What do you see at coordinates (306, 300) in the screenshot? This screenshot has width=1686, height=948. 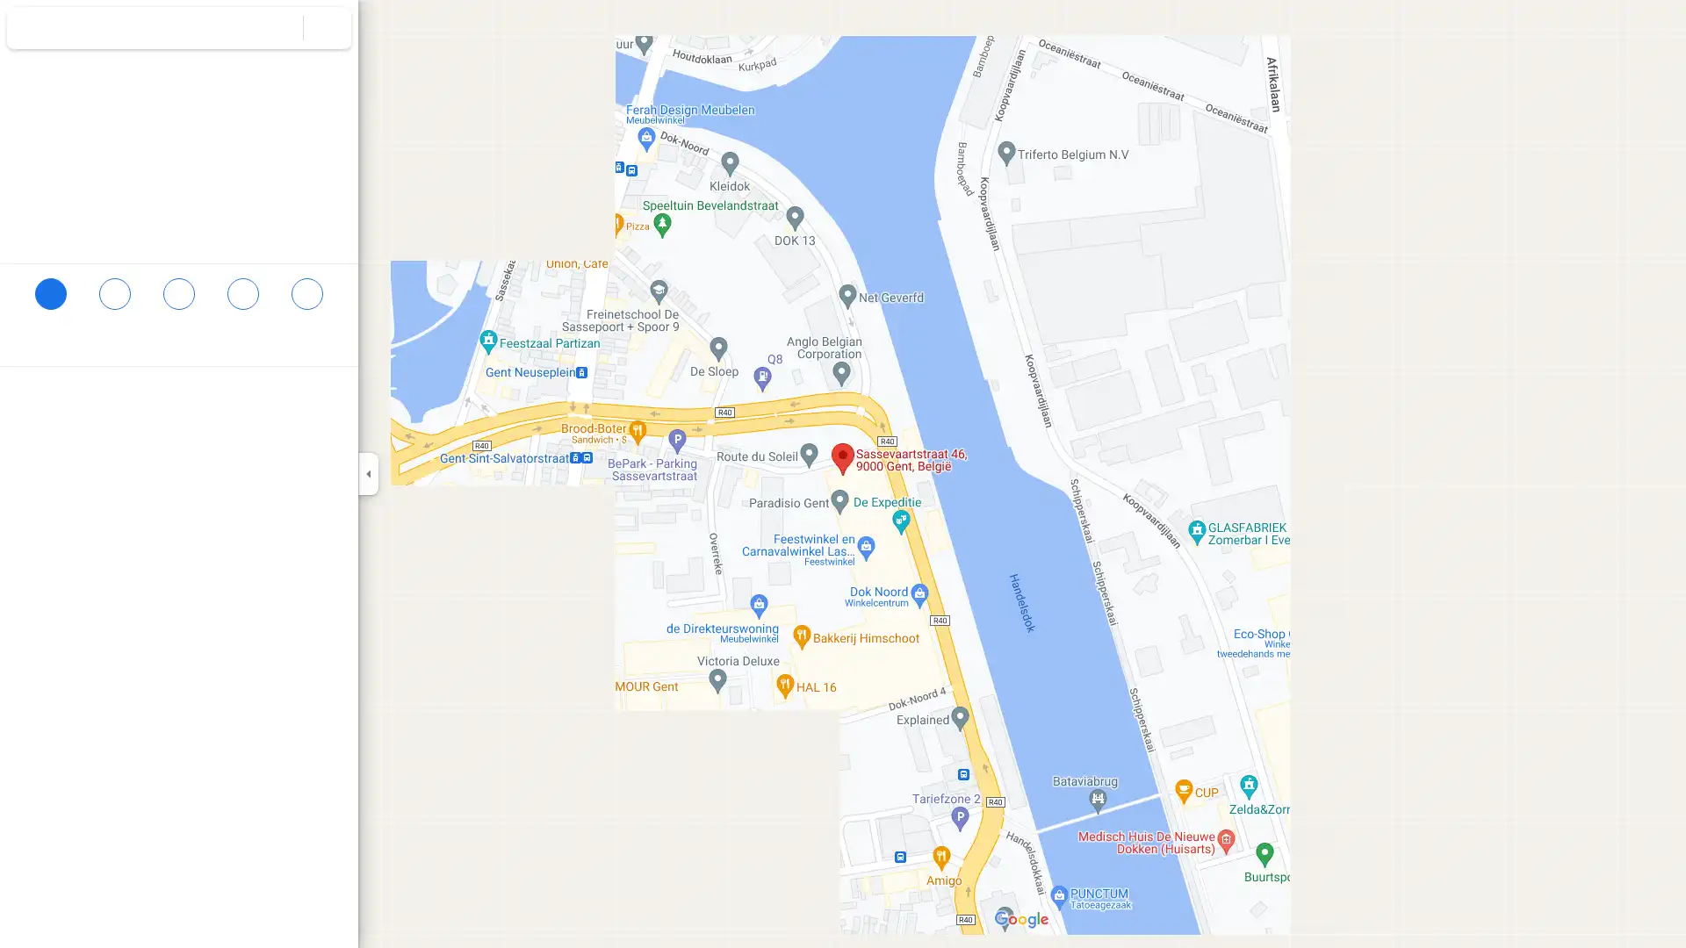 I see `Sassevaartstraat 46 delen` at bounding box center [306, 300].